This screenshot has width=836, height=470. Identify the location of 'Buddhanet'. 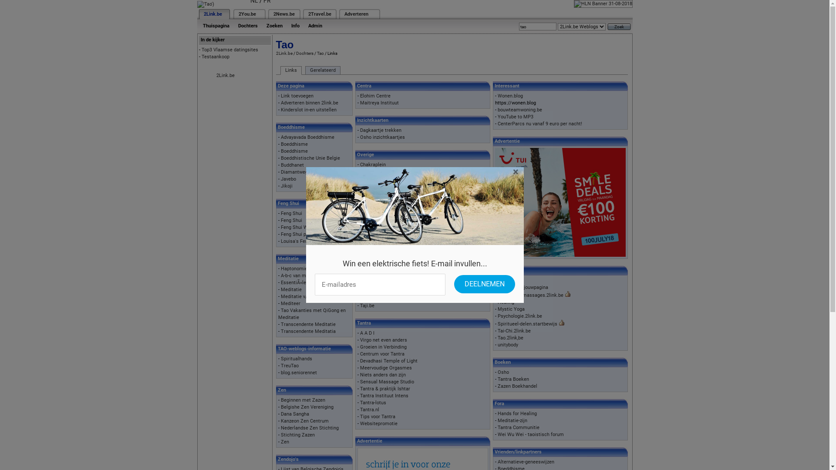
(292, 165).